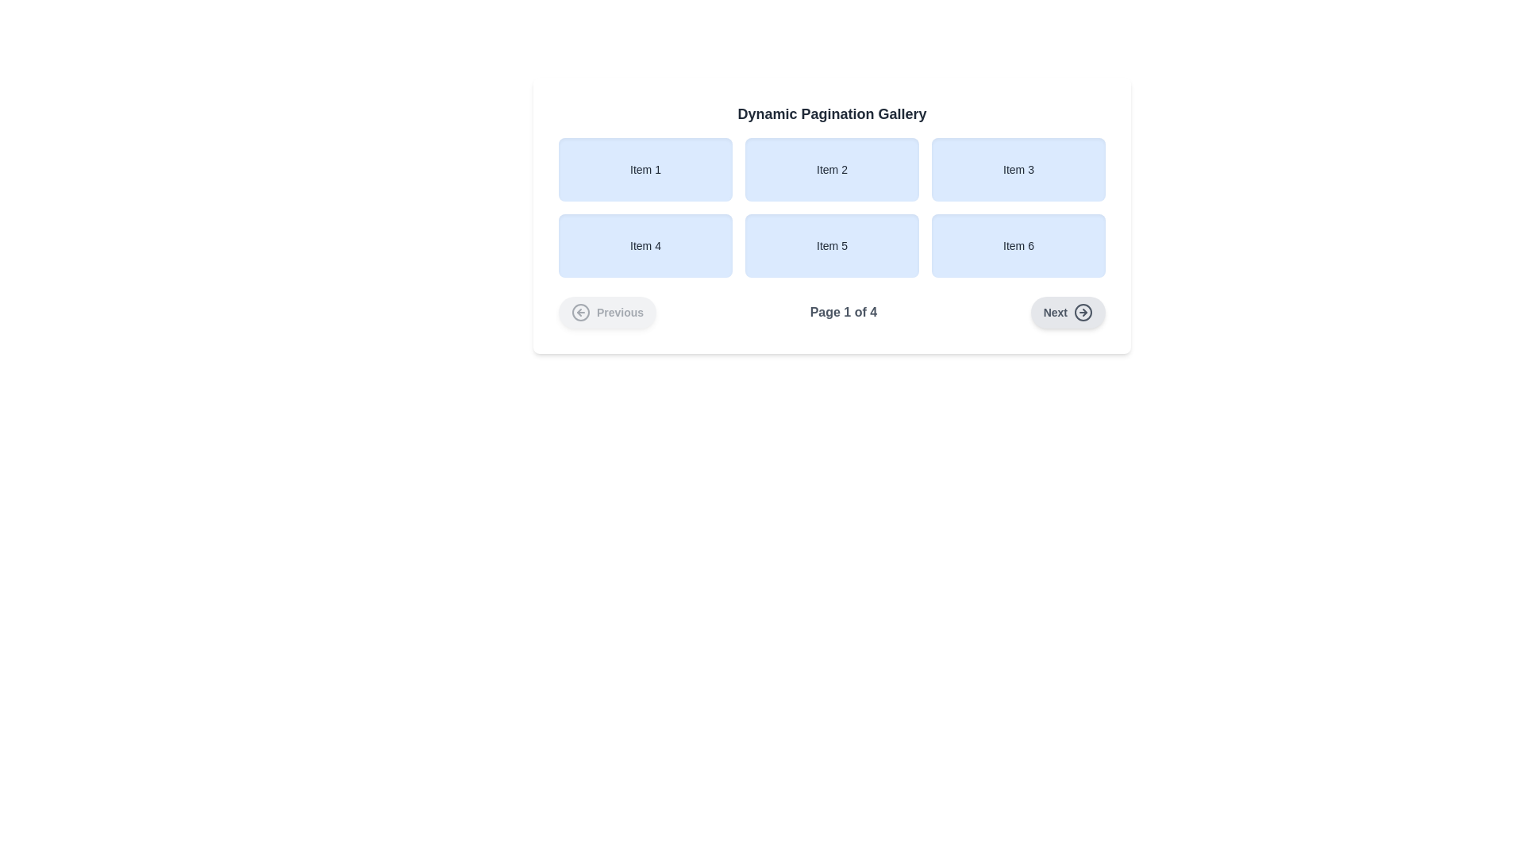 This screenshot has width=1524, height=857. What do you see at coordinates (1018, 245) in the screenshot?
I see `the static display box labeled 'Item 6', located in the bottom-right corner of a 3x2 grid layout, positioned below 'Item 3' and to the right of 'Item 5'` at bounding box center [1018, 245].